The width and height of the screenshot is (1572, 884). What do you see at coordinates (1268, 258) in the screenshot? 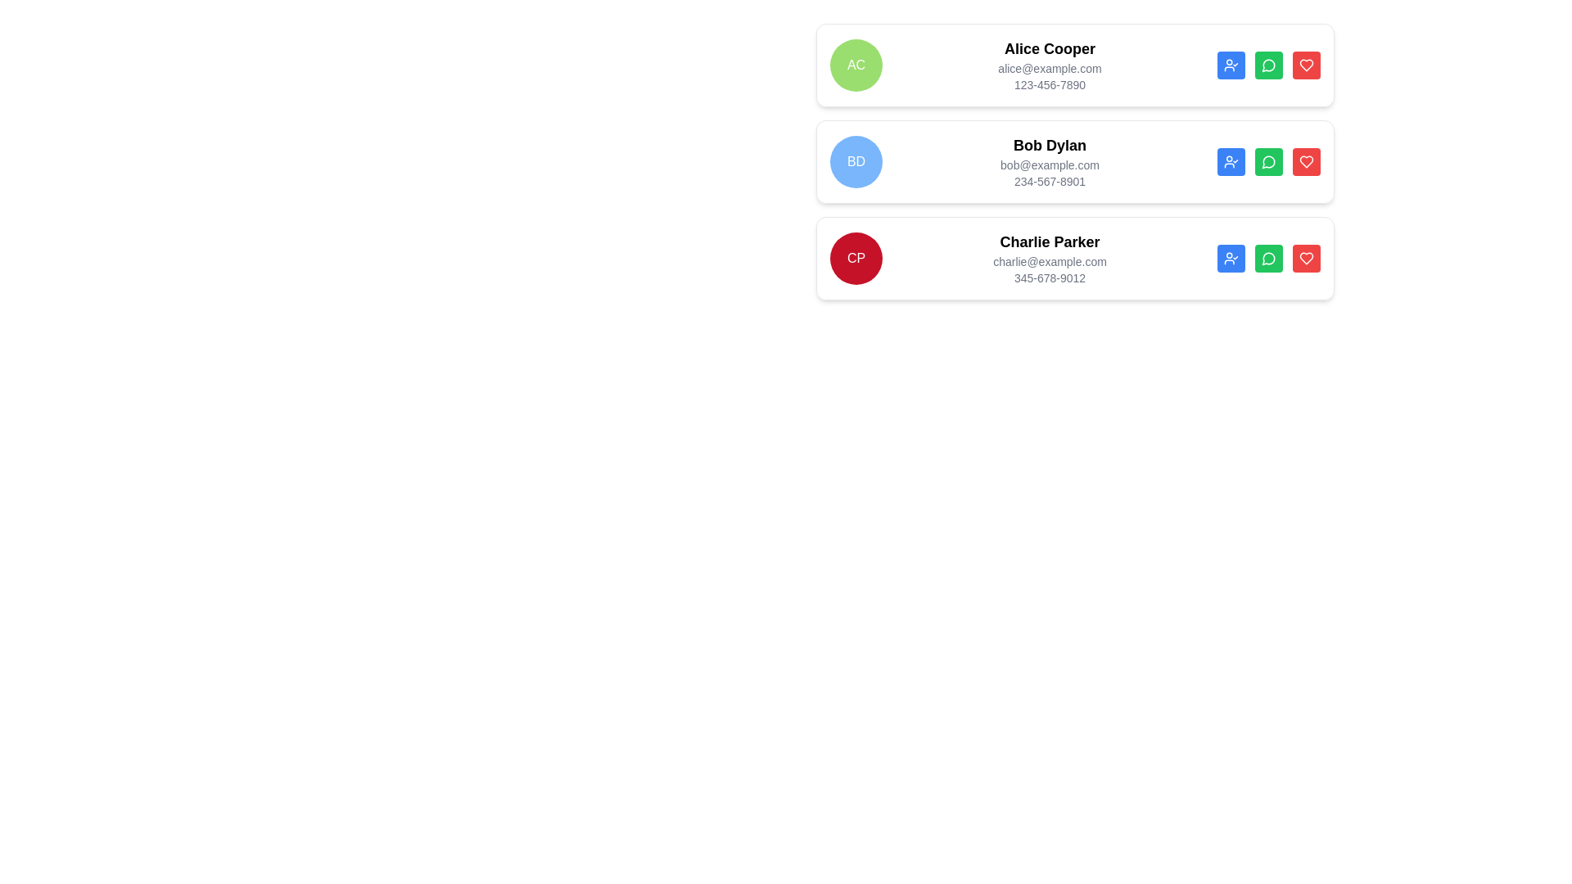
I see `the SVG-based message icon button with a green background and white outline located in the third user information card adjacent to 'Charlie Parker' to initiate a chat or messaging action` at bounding box center [1268, 258].